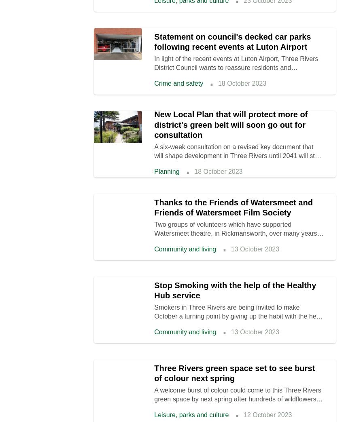  Describe the element at coordinates (191, 415) in the screenshot. I see `'Leisure, parks and culture'` at that location.